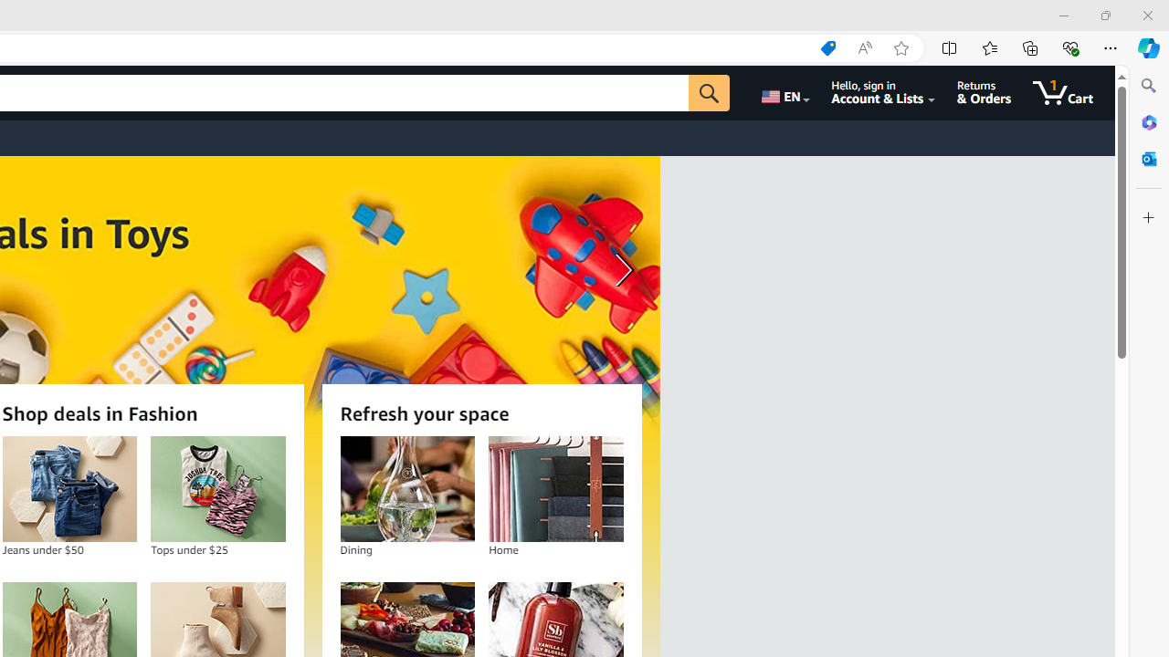  Describe the element at coordinates (69, 488) in the screenshot. I see `'Jeans under $50'` at that location.